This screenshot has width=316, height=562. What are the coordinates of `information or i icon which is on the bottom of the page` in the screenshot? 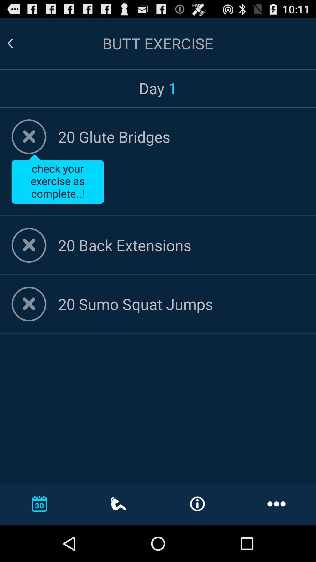 It's located at (197, 504).